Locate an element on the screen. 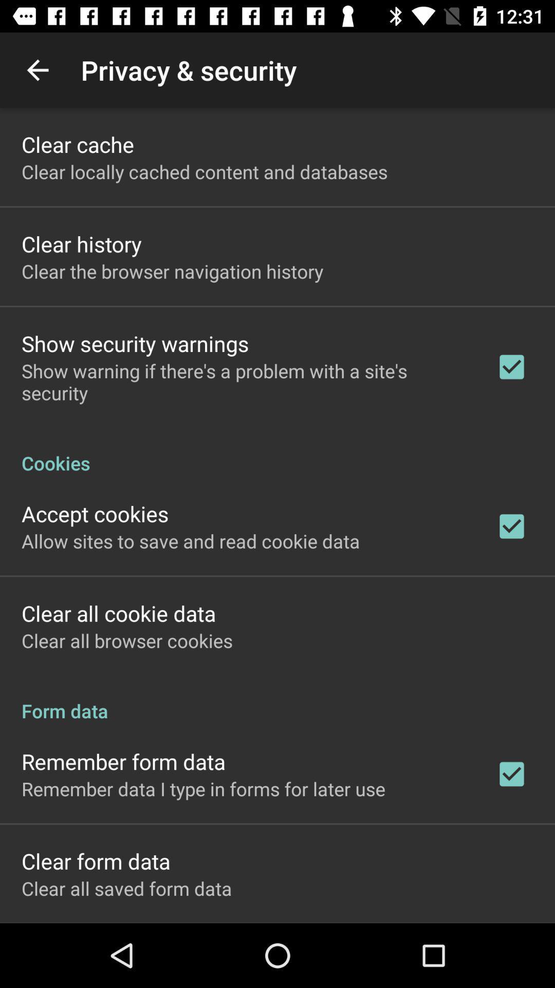 Image resolution: width=555 pixels, height=988 pixels. the item above clear locally cached is located at coordinates (77, 144).